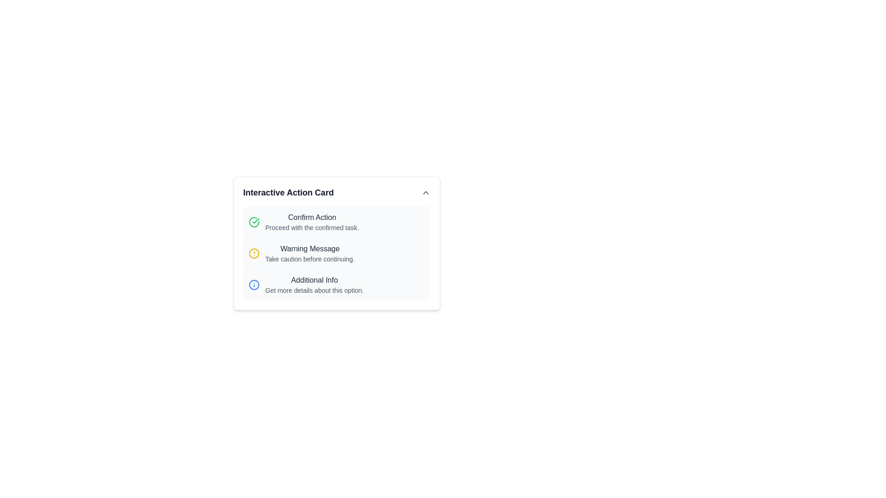 Image resolution: width=886 pixels, height=498 pixels. Describe the element at coordinates (336, 284) in the screenshot. I see `the 'Additional Info' actionable card item located at the bottom of the vertical stack within the 'Interactive Action Card'` at that location.